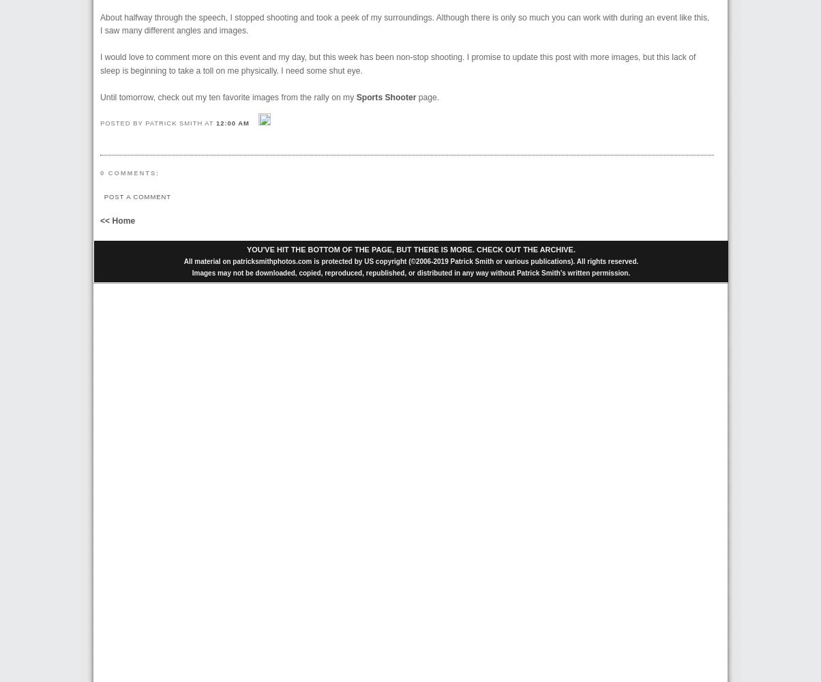 Image resolution: width=821 pixels, height=682 pixels. I want to click on 'ARCHIVE', so click(539, 248).